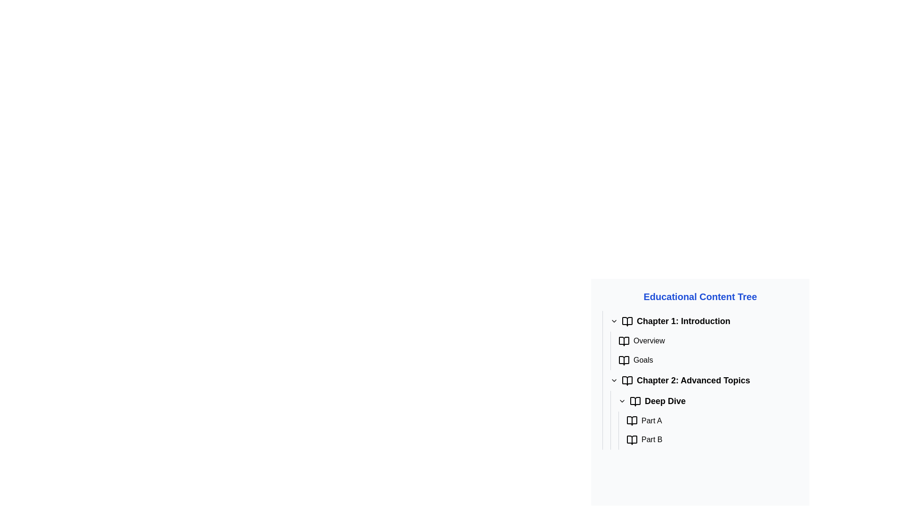 The height and width of the screenshot is (508, 903). I want to click on the SVG icon representing the book in the subsection 'Deep Dive' under 'Chapter 2: Advanced Topics' on the right side of the interface, so click(632, 420).